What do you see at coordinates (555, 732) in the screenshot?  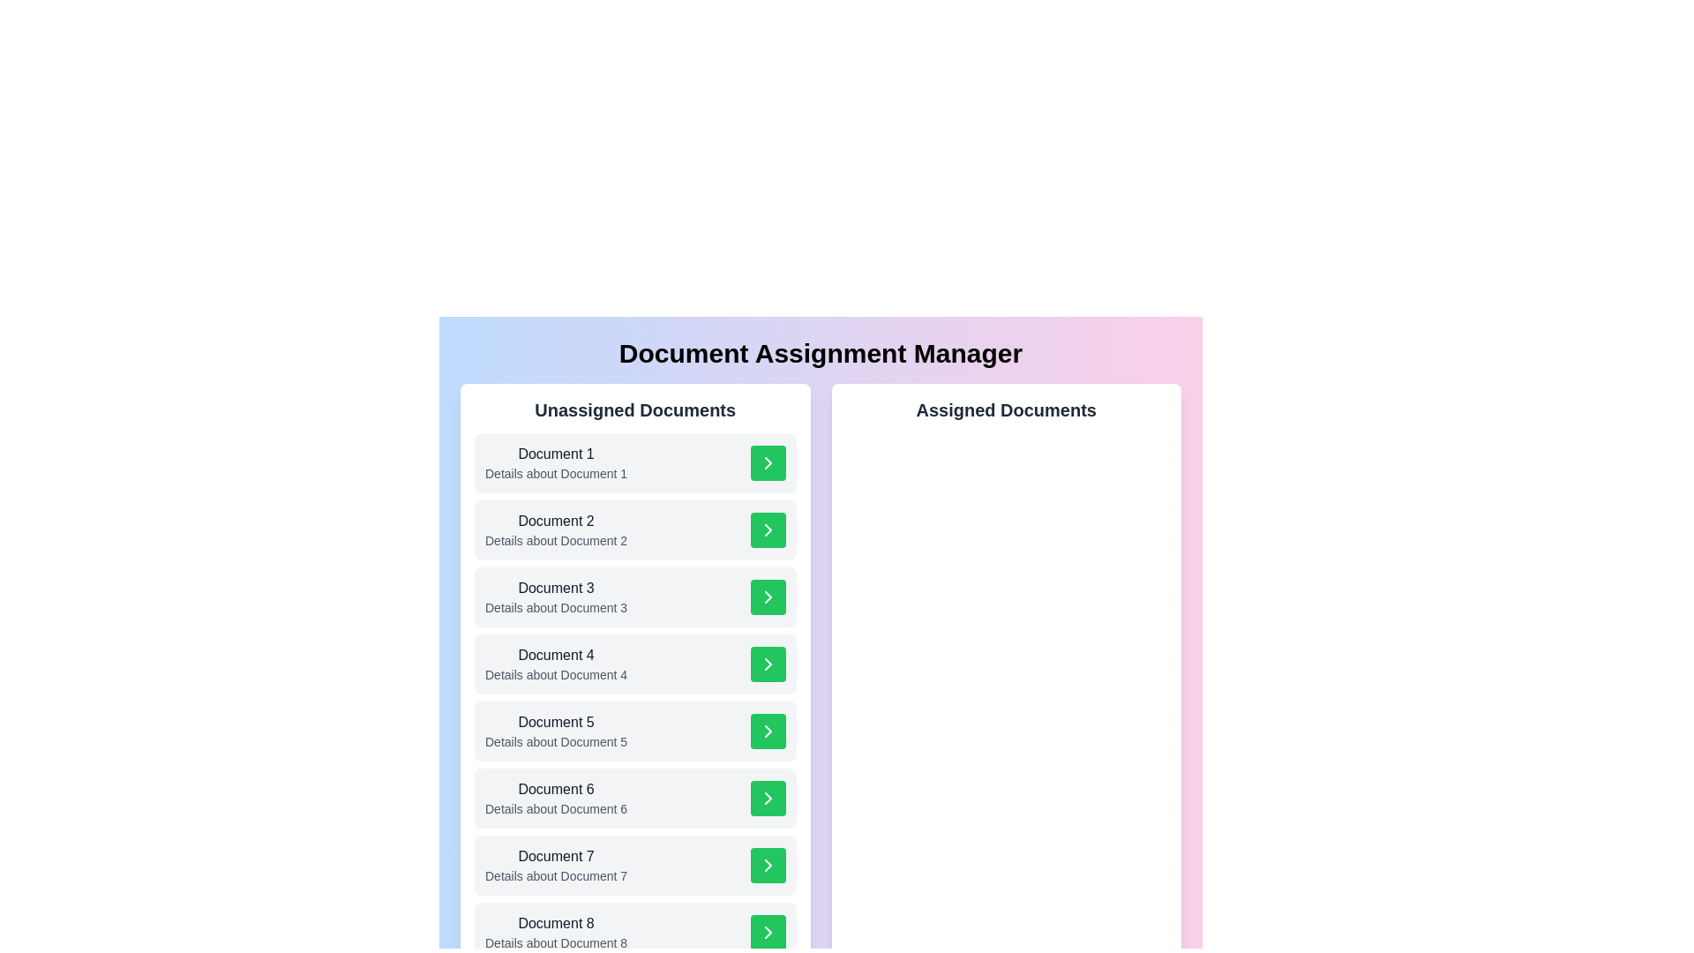 I see `the text component displaying 'Document 5' and 'Details about Document 5', which is the fifth item in the 'Unassigned Documents' section` at bounding box center [555, 732].